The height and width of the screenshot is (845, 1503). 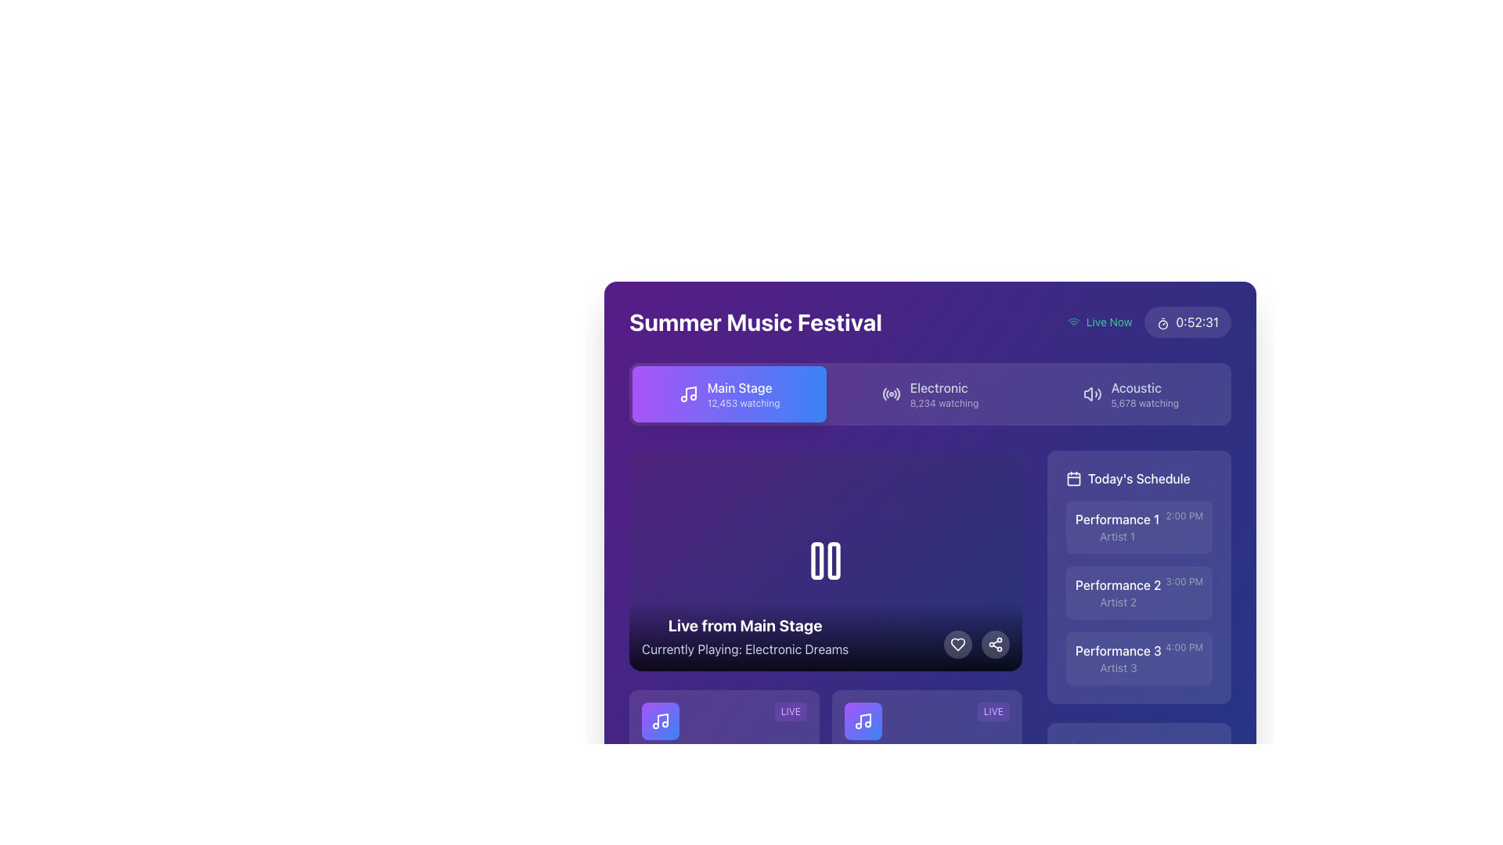 I want to click on the text label indicating the performer or artist associated with 'Performance 3' in the 'Today's Schedule' section, so click(x=1117, y=667).